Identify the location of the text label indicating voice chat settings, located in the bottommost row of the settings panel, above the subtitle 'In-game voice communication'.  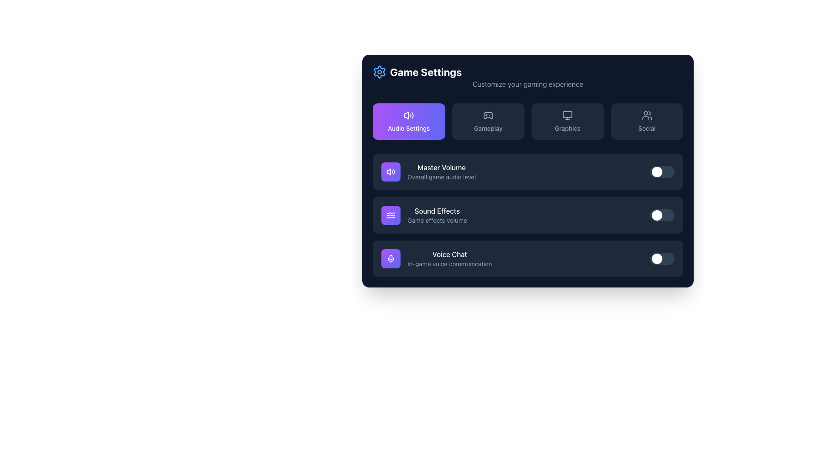
(450, 254).